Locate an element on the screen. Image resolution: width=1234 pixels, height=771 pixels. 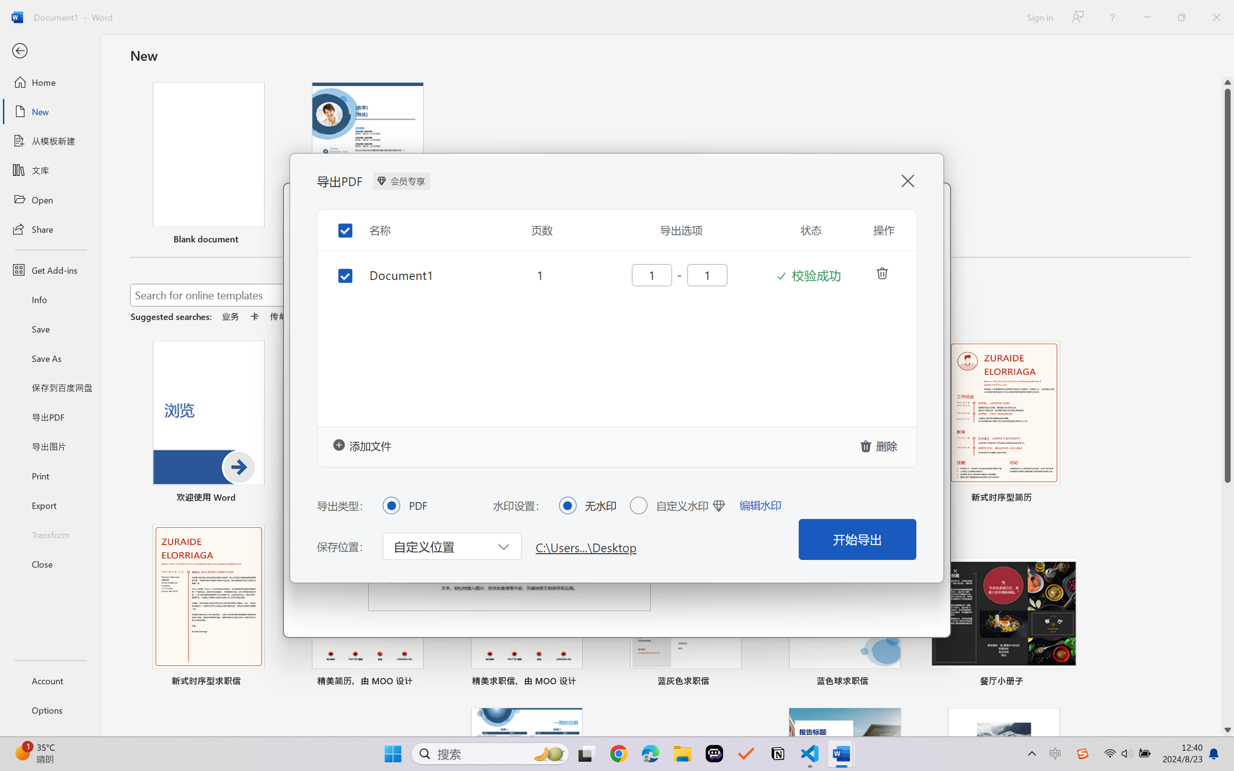
'select row' is located at coordinates (338, 273).